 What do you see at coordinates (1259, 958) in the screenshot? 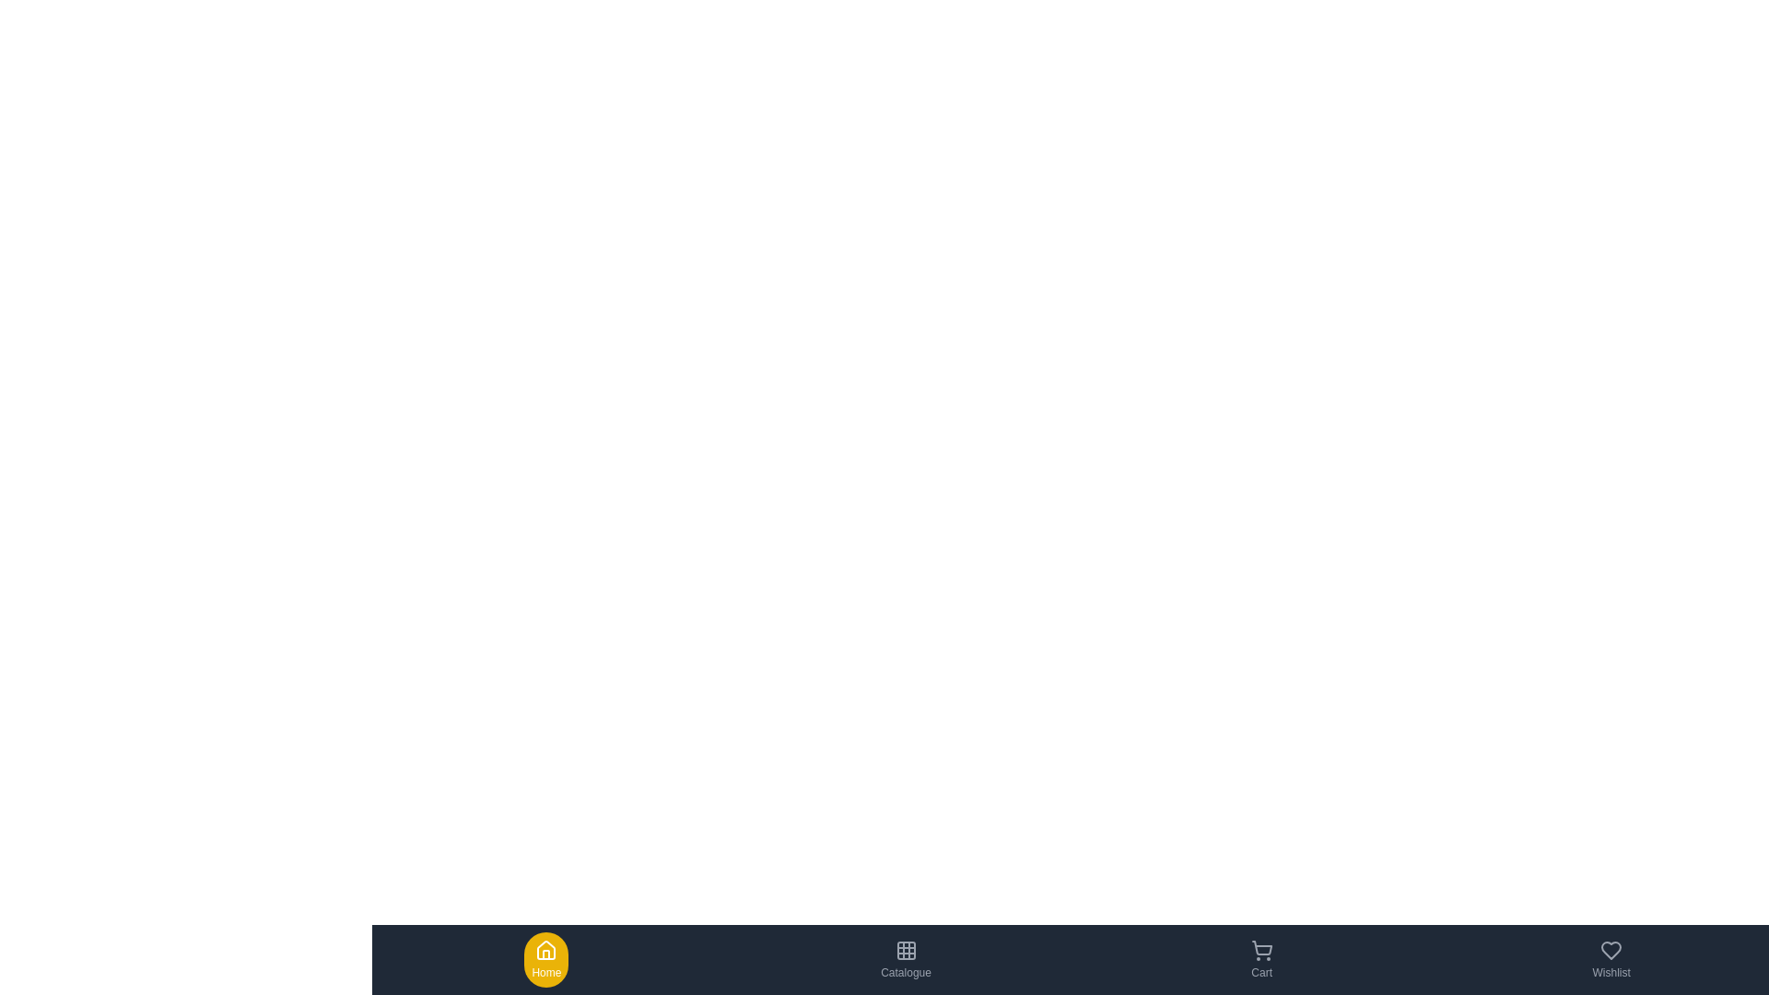
I see `the button labeled Cart to observe its hover effect` at bounding box center [1259, 958].